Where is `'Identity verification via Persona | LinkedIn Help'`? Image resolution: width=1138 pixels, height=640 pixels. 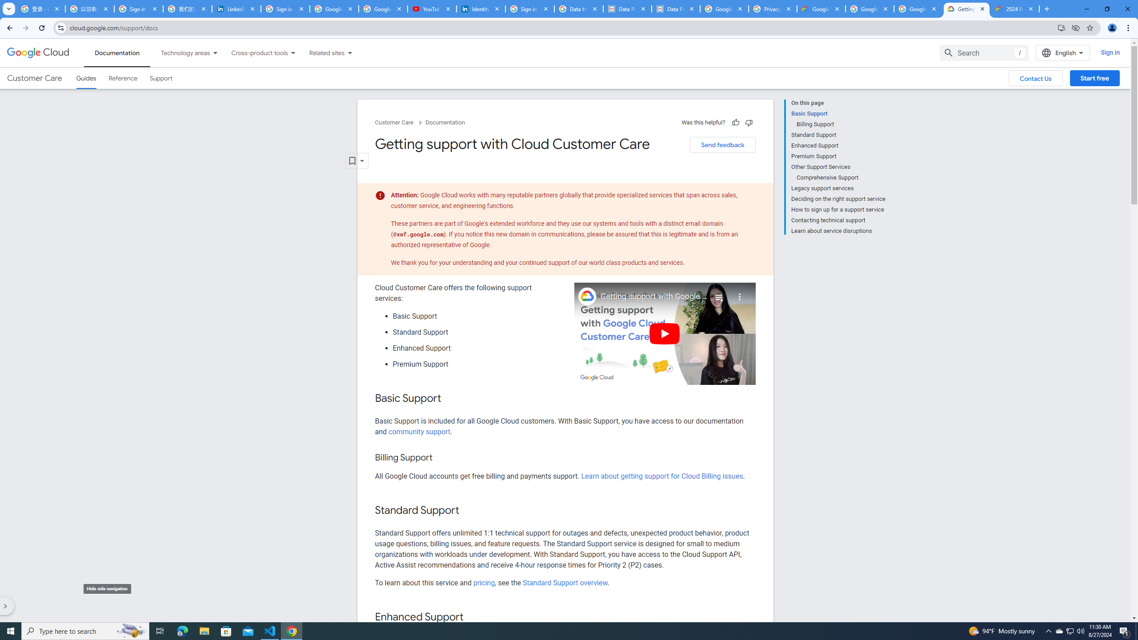
'Identity verification via Persona | LinkedIn Help' is located at coordinates (481, 8).